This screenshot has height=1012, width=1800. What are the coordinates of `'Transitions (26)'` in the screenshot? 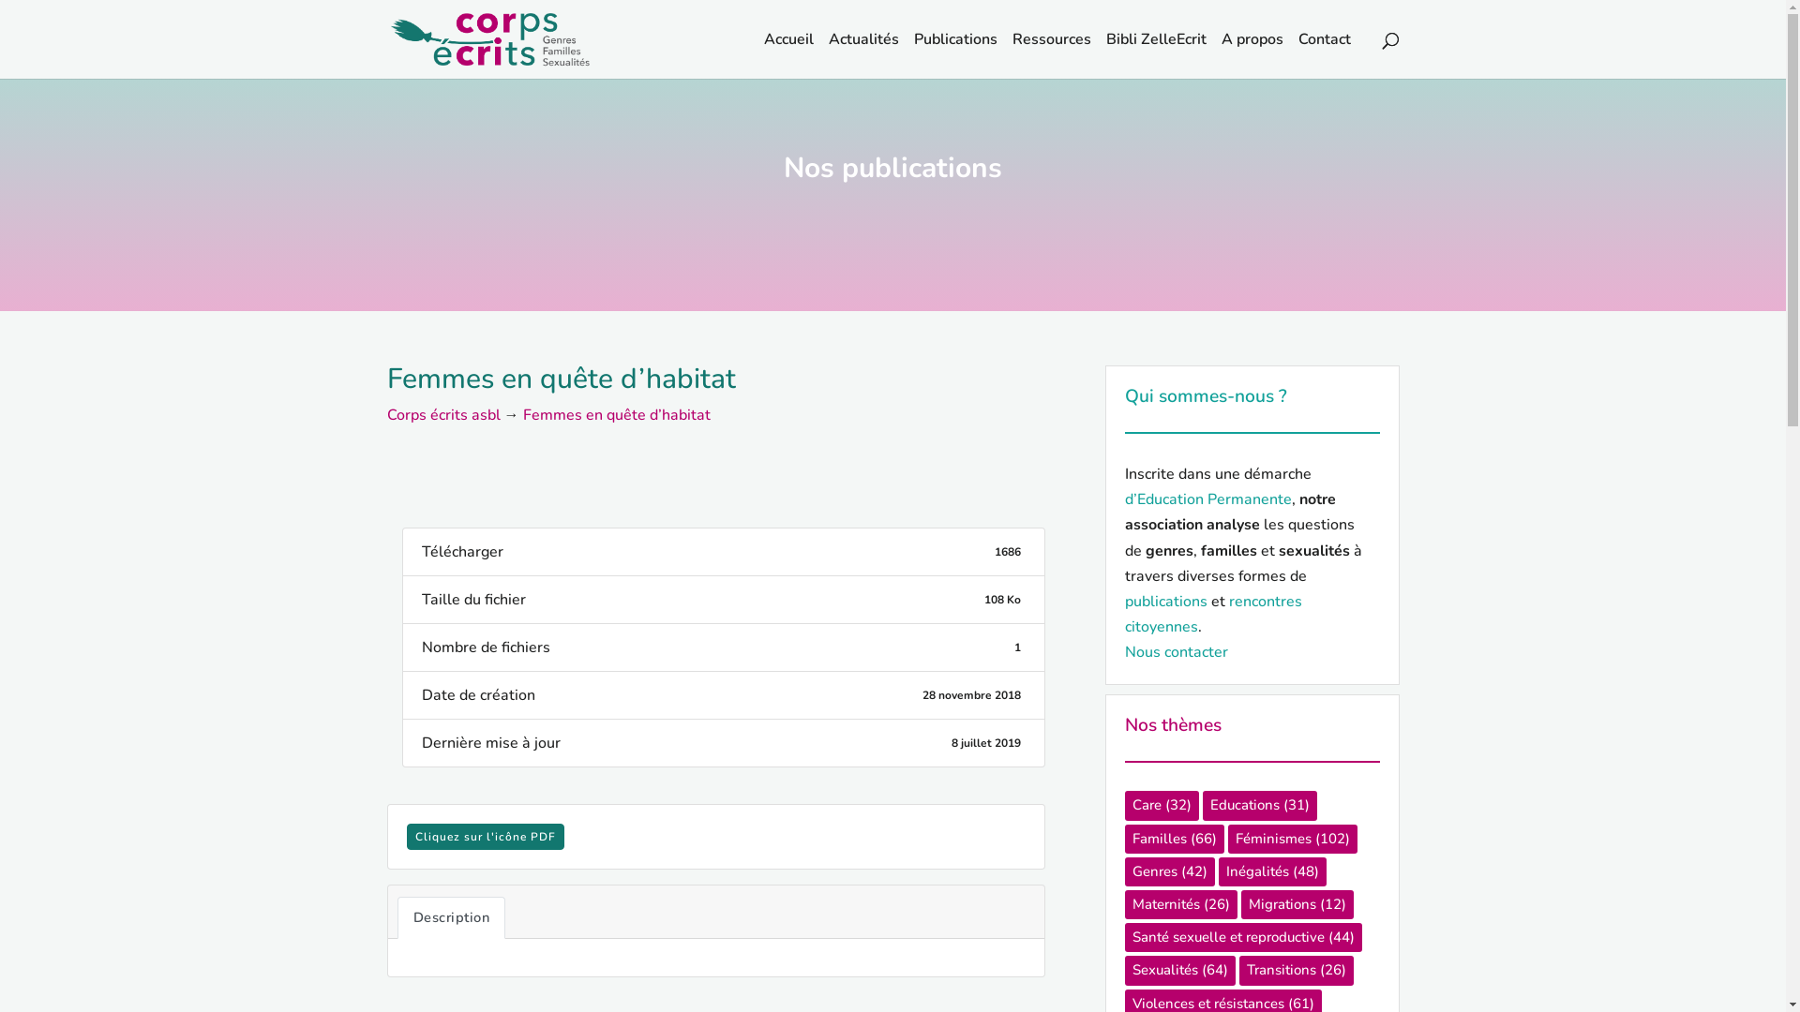 It's located at (1295, 970).